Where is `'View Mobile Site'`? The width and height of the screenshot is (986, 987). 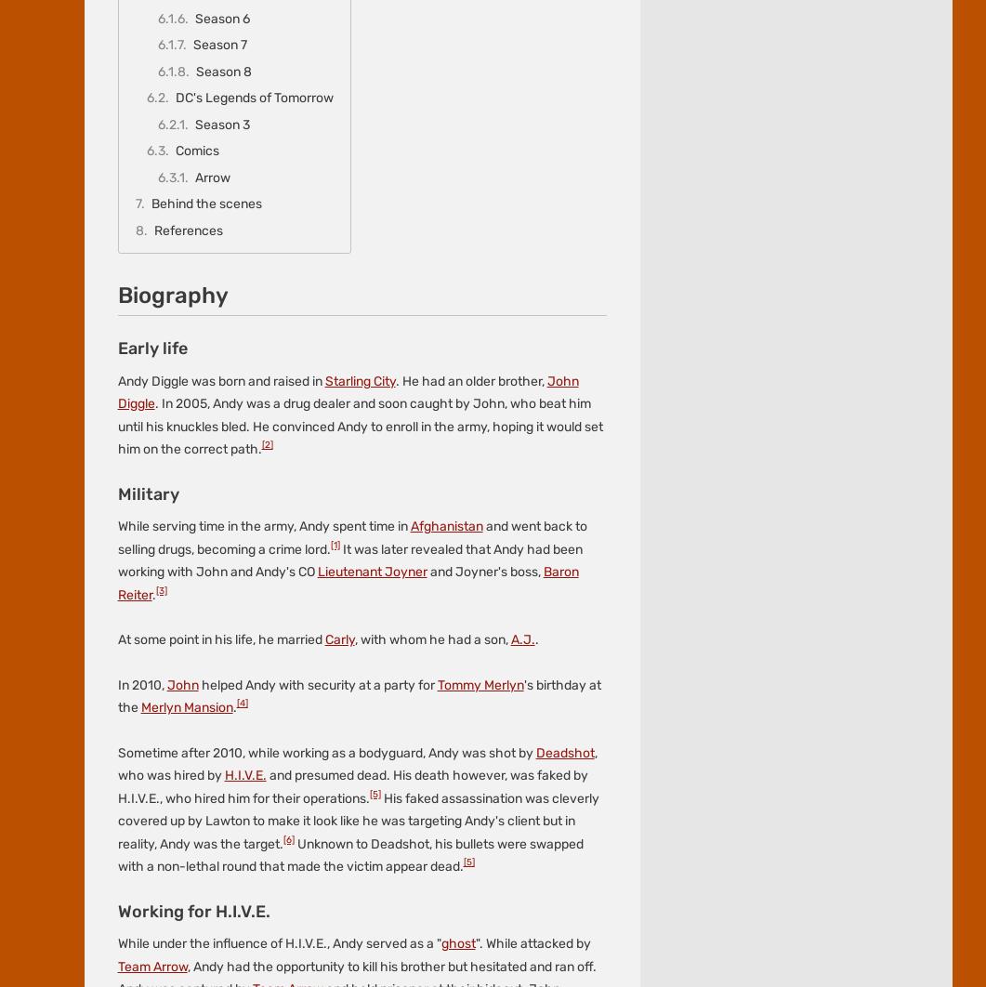 'View Mobile Site' is located at coordinates (467, 305).